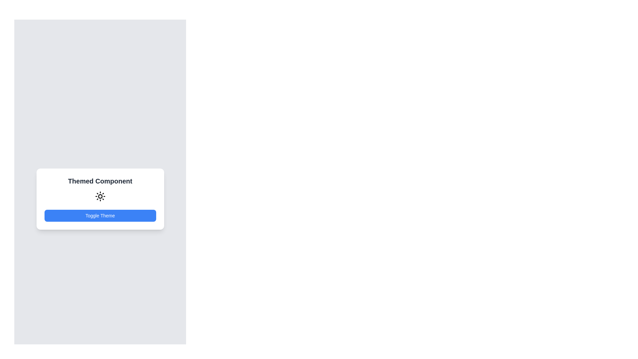 The image size is (638, 359). What do you see at coordinates (100, 215) in the screenshot?
I see `the blue button labeled 'Toggle Theme' with white text to change its background color` at bounding box center [100, 215].